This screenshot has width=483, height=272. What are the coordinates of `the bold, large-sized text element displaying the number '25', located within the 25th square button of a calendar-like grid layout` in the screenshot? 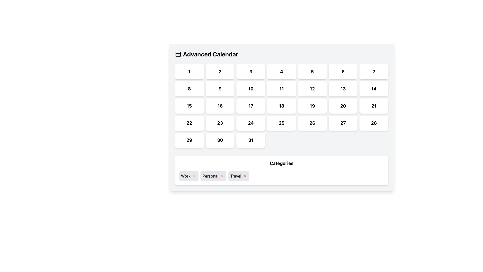 It's located at (281, 123).